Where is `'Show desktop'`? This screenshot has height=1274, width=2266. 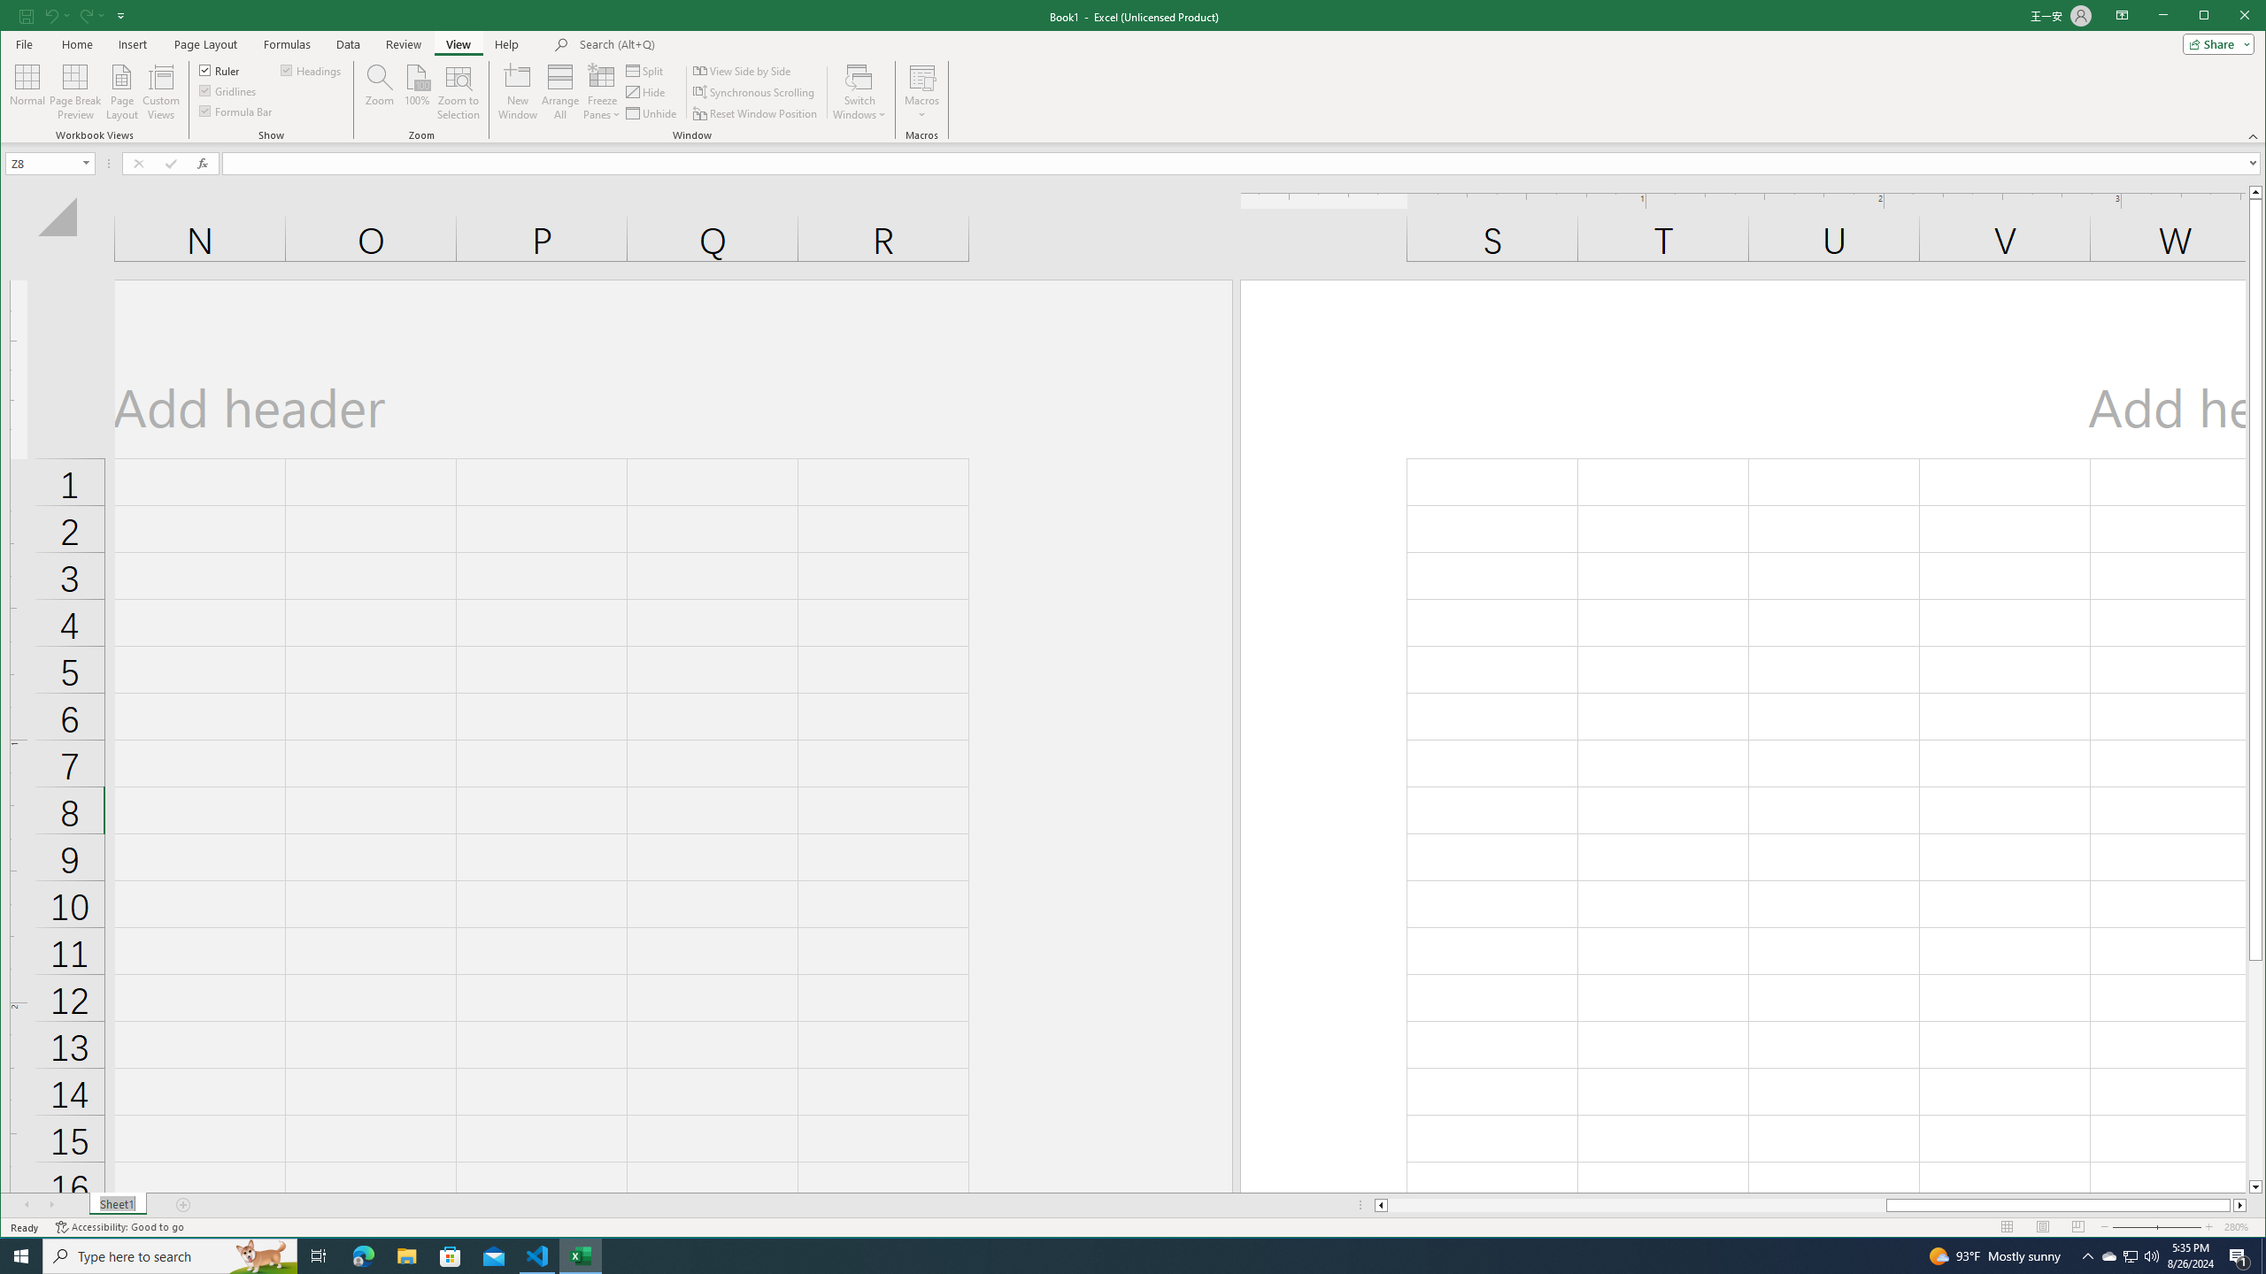
'Show desktop' is located at coordinates (2262, 1255).